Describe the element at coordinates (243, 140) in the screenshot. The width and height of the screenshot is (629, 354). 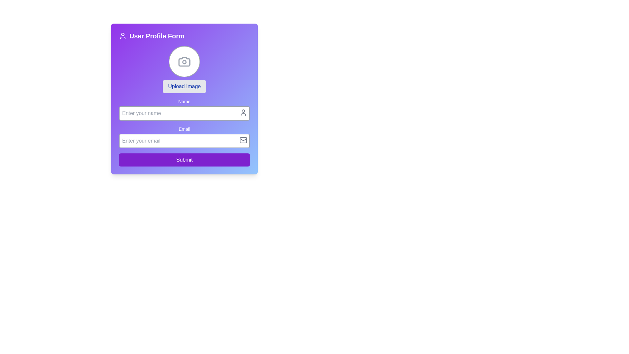
I see `the minimalist gray mail icon, which is styled with rounded edges and positioned to the right of the email input field` at that location.